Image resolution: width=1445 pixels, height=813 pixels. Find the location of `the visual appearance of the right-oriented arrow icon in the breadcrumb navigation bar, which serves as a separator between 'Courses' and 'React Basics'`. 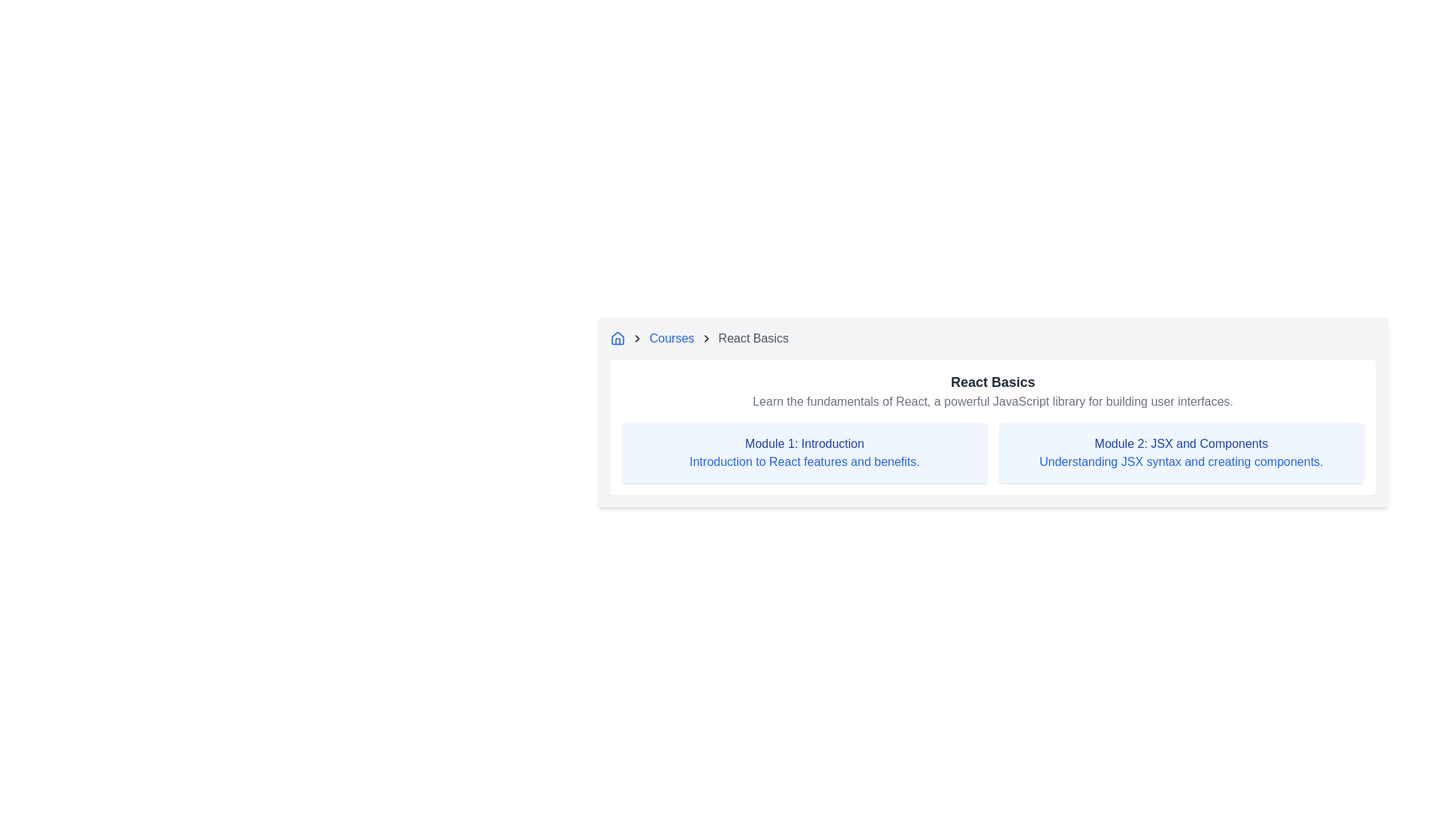

the visual appearance of the right-oriented arrow icon in the breadcrumb navigation bar, which serves as a separator between 'Courses' and 'React Basics' is located at coordinates (705, 339).